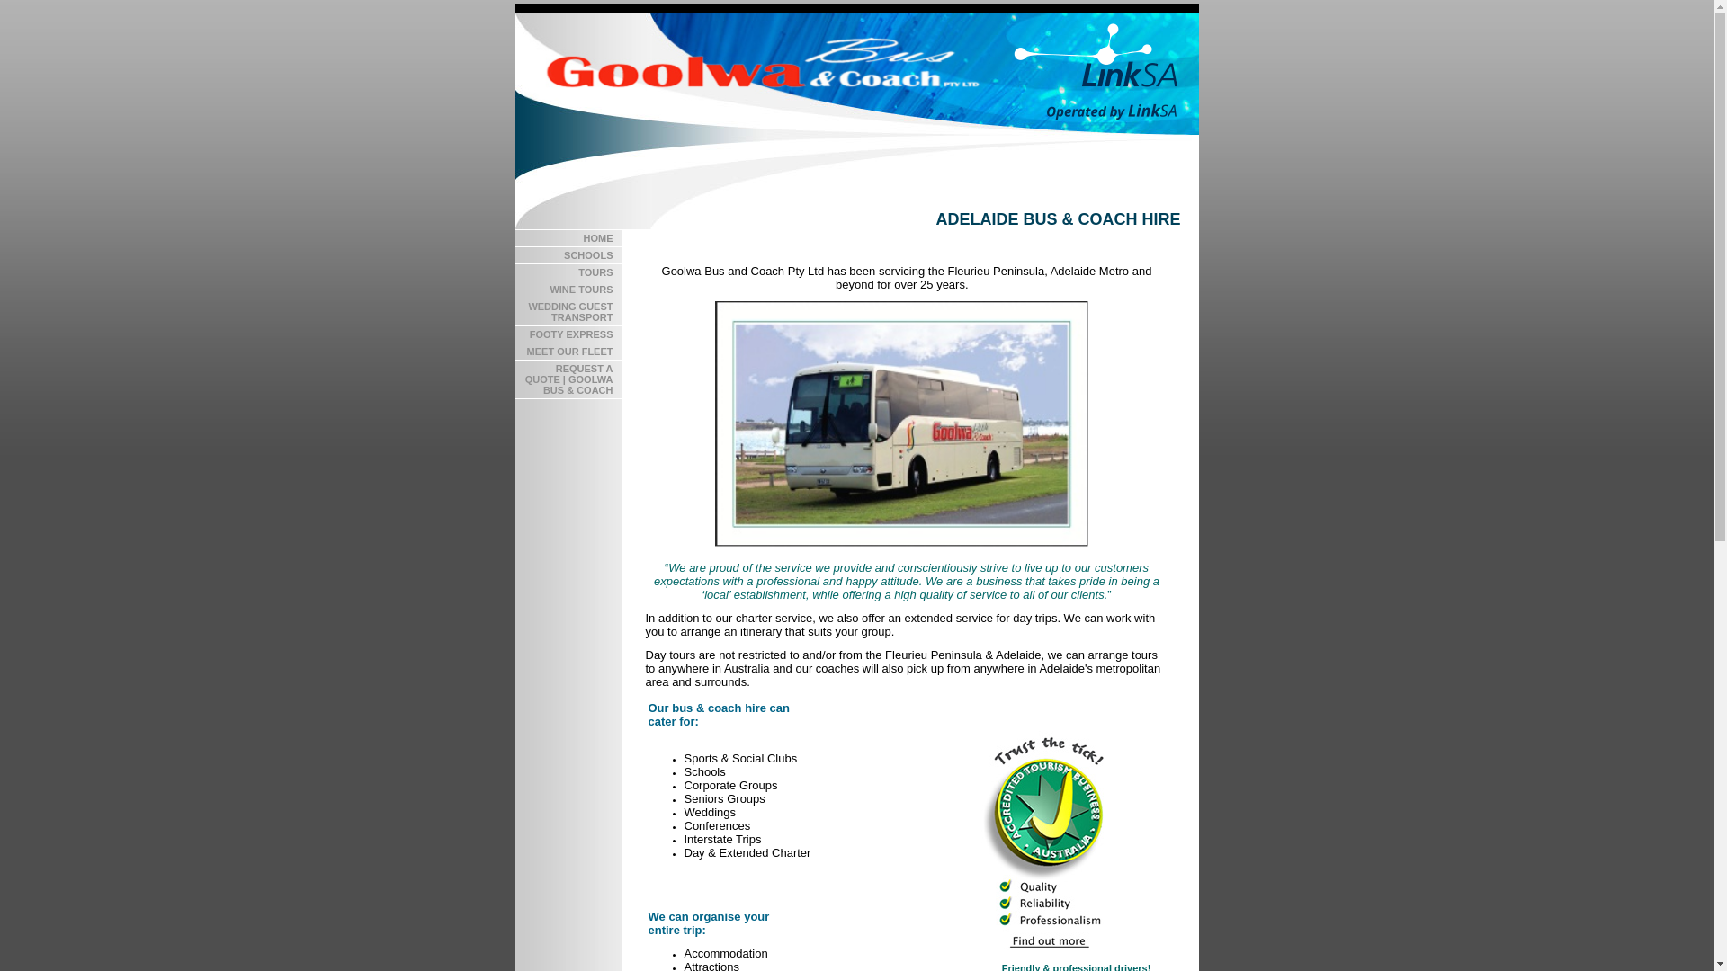 Image resolution: width=1727 pixels, height=971 pixels. What do you see at coordinates (513, 352) in the screenshot?
I see `'MEET OUR FLEET'` at bounding box center [513, 352].